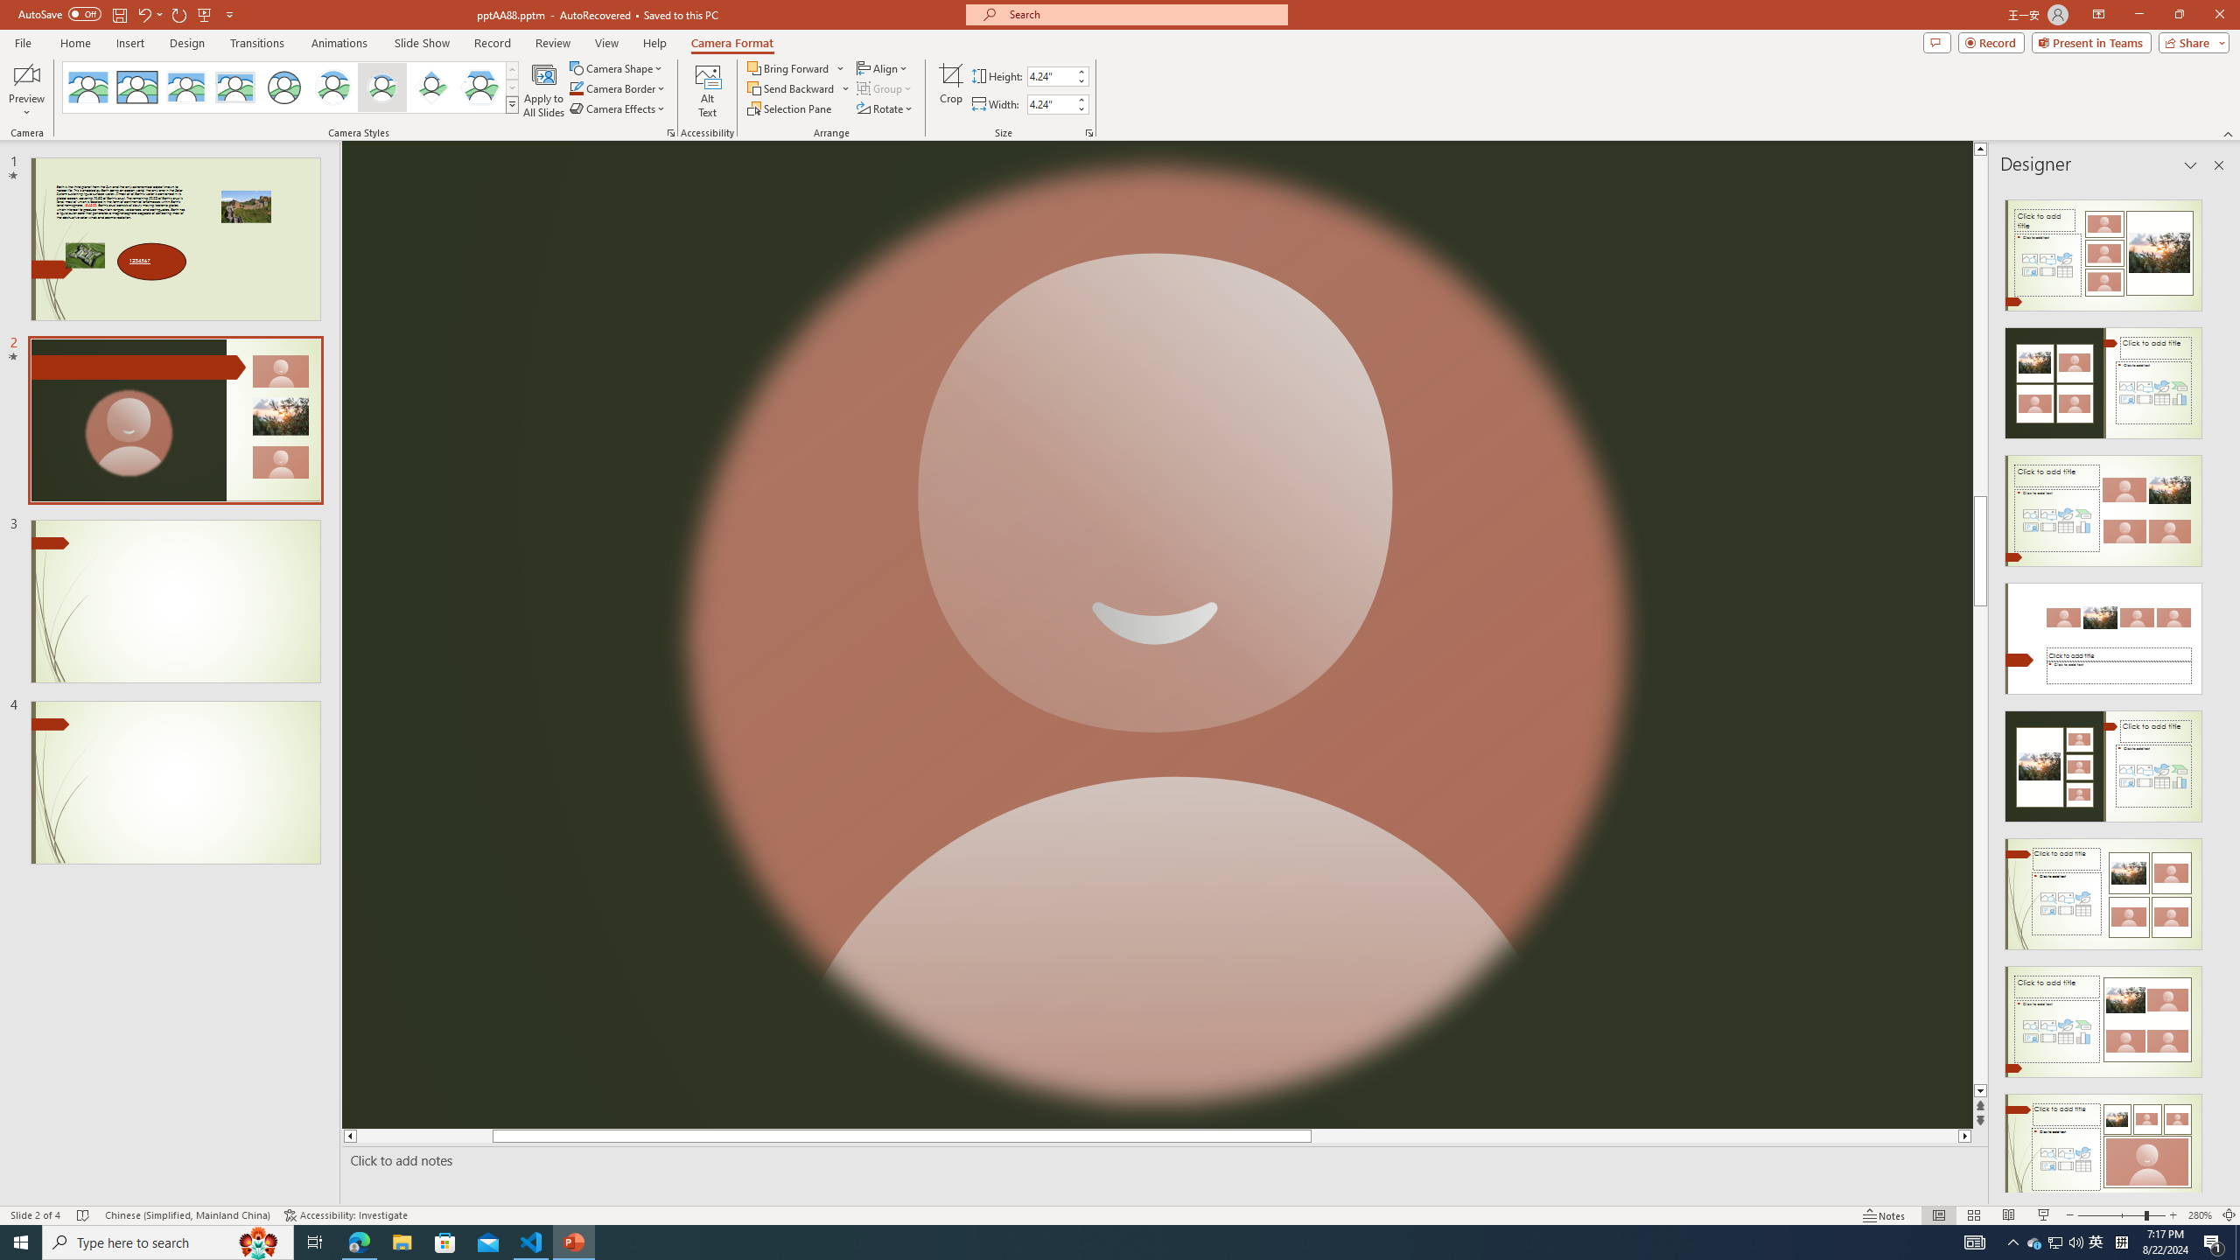 The width and height of the screenshot is (2240, 1260). What do you see at coordinates (10, 8) in the screenshot?
I see `'System'` at bounding box center [10, 8].